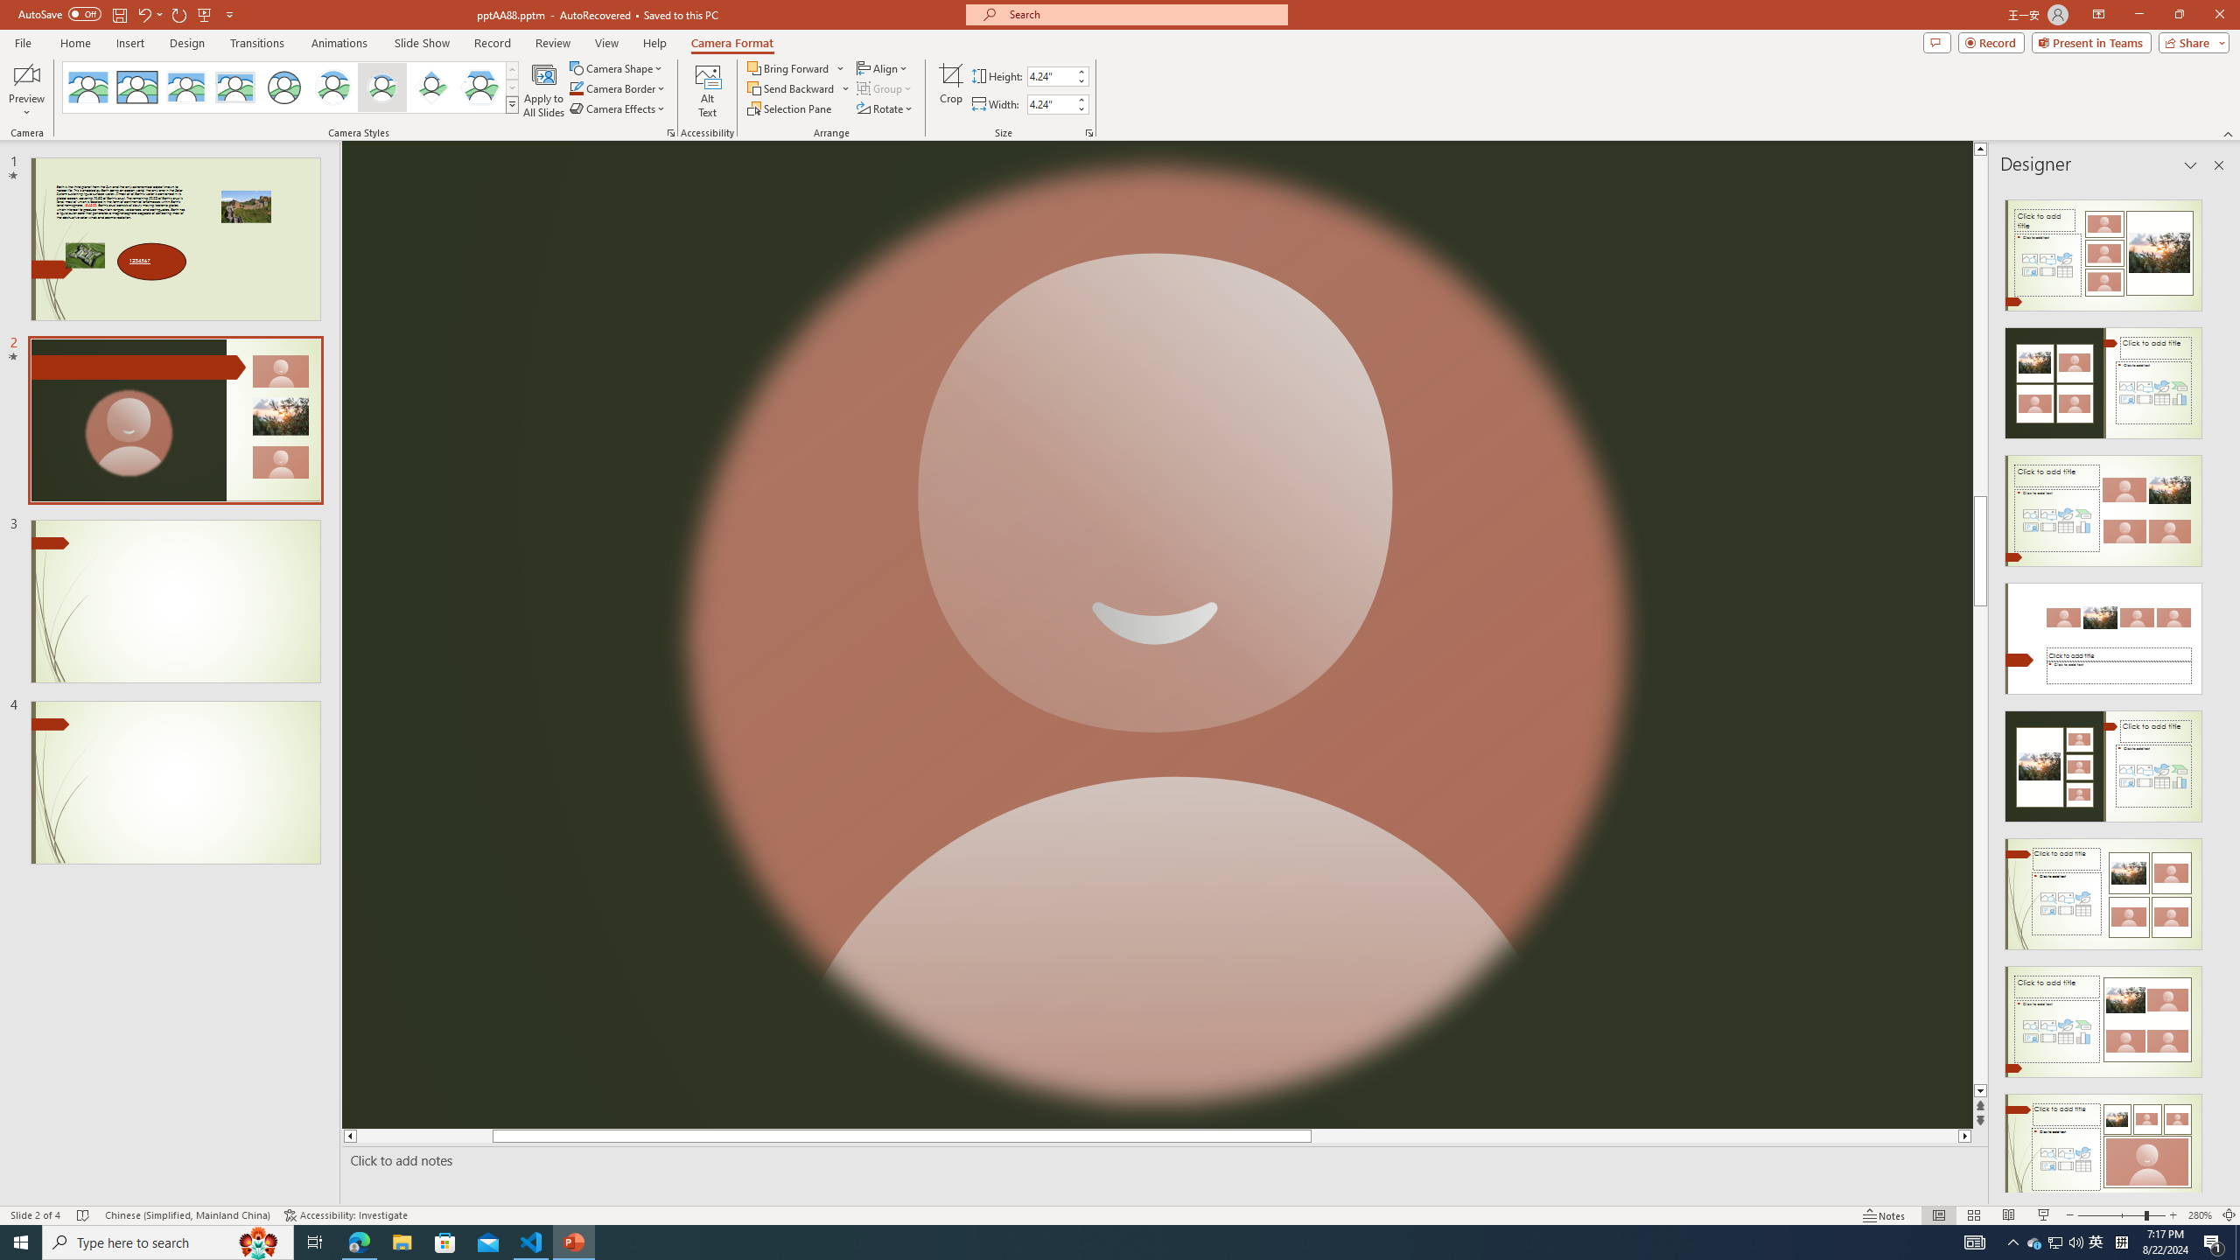 The width and height of the screenshot is (2240, 1260). What do you see at coordinates (10, 8) in the screenshot?
I see `'System'` at bounding box center [10, 8].